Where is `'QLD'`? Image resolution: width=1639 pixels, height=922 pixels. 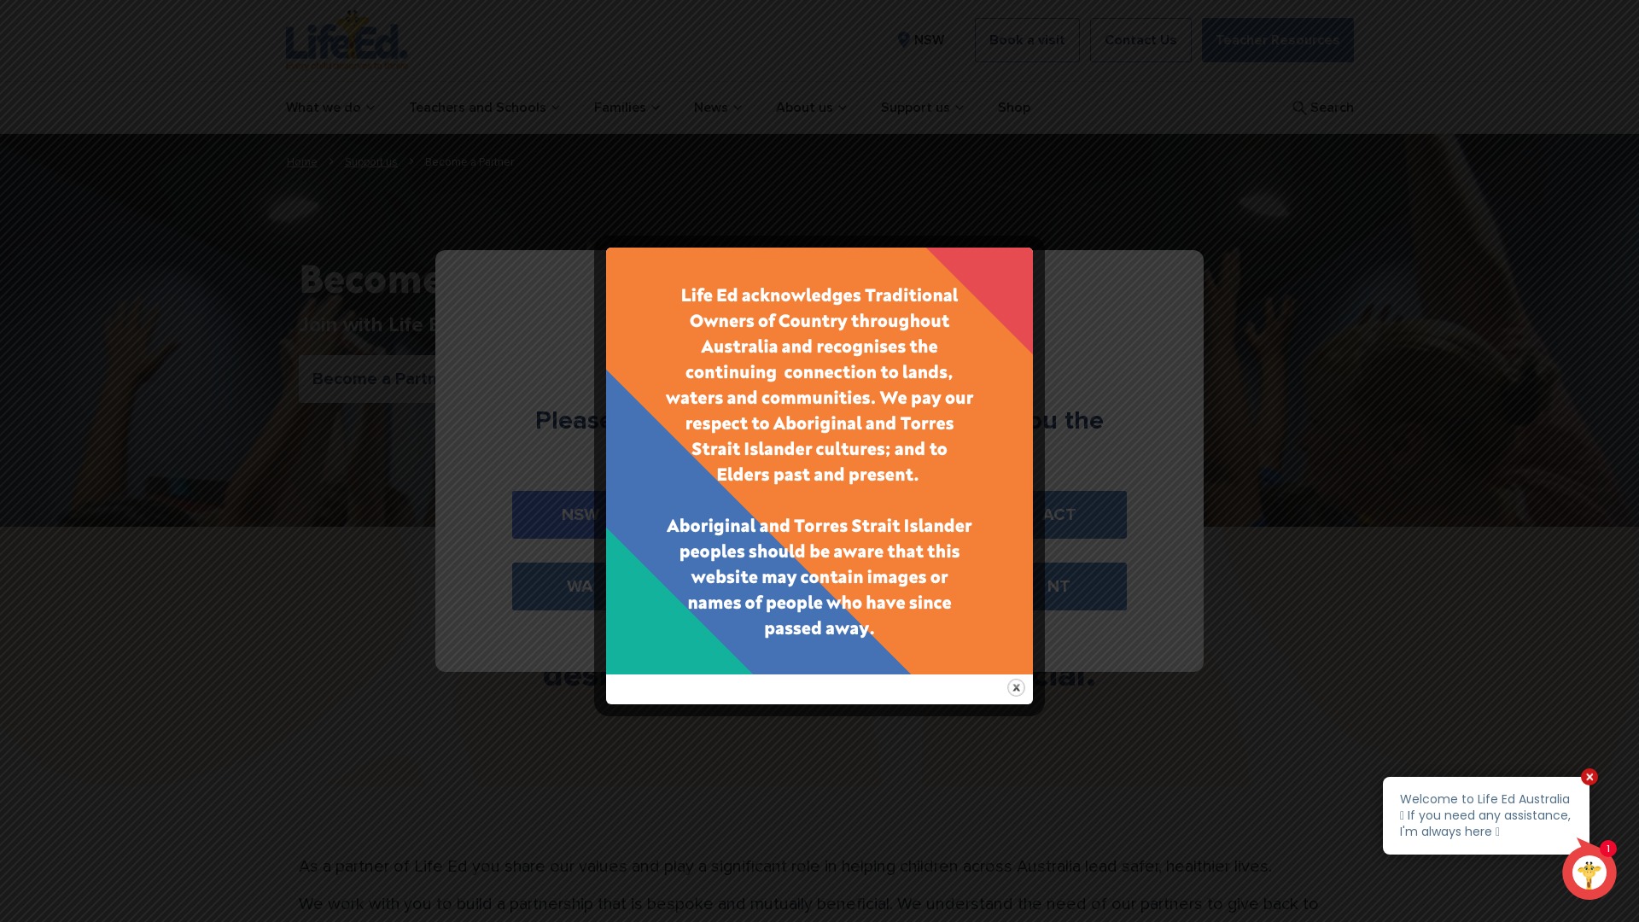 'QLD' is located at coordinates (898, 513).